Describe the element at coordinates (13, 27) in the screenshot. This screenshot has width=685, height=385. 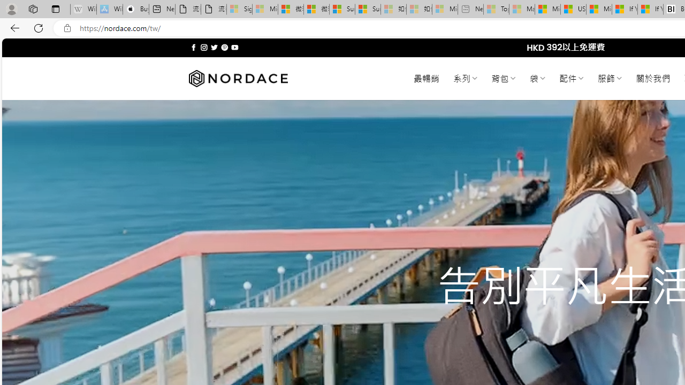
I see `'Back'` at that location.